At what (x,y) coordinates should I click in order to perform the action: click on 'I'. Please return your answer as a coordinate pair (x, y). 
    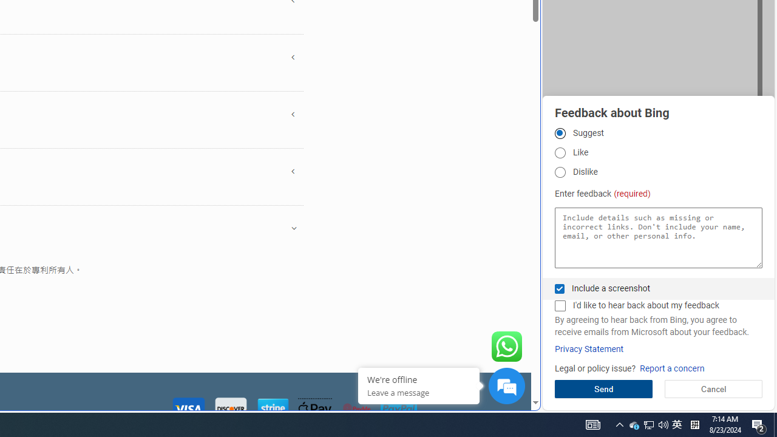
    Looking at the image, I should click on (559, 305).